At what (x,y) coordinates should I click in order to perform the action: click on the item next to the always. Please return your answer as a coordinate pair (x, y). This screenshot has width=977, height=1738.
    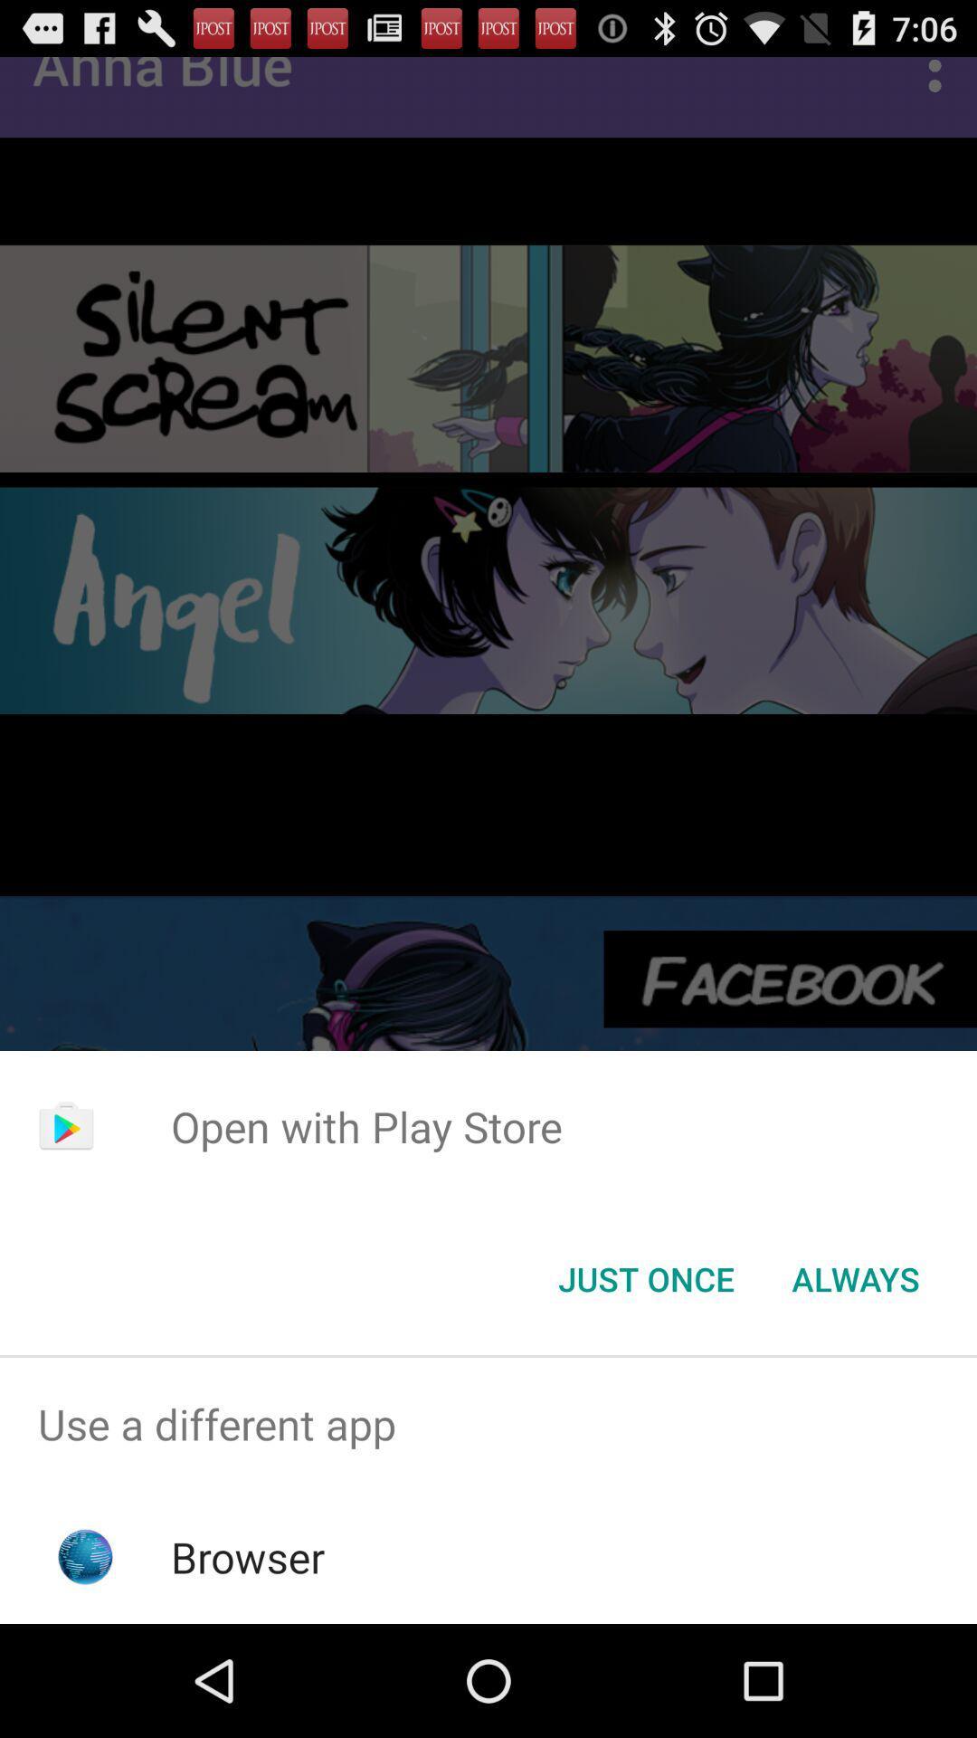
    Looking at the image, I should click on (645, 1277).